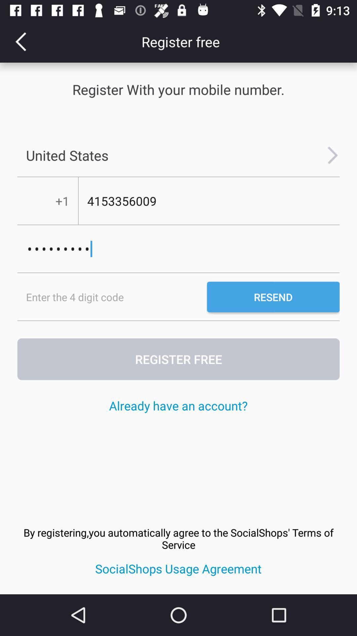 The image size is (357, 636). What do you see at coordinates (333, 155) in the screenshot?
I see `right scroll button` at bounding box center [333, 155].